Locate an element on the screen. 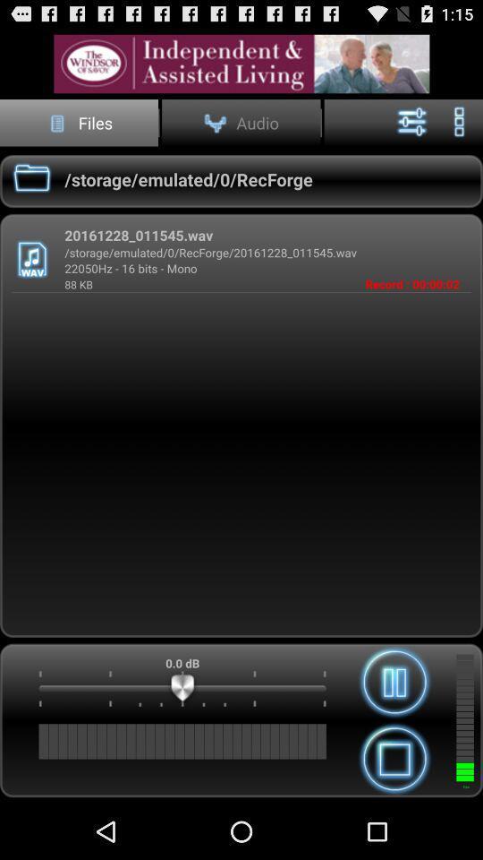 The image size is (483, 860). the sliders icon is located at coordinates (412, 129).